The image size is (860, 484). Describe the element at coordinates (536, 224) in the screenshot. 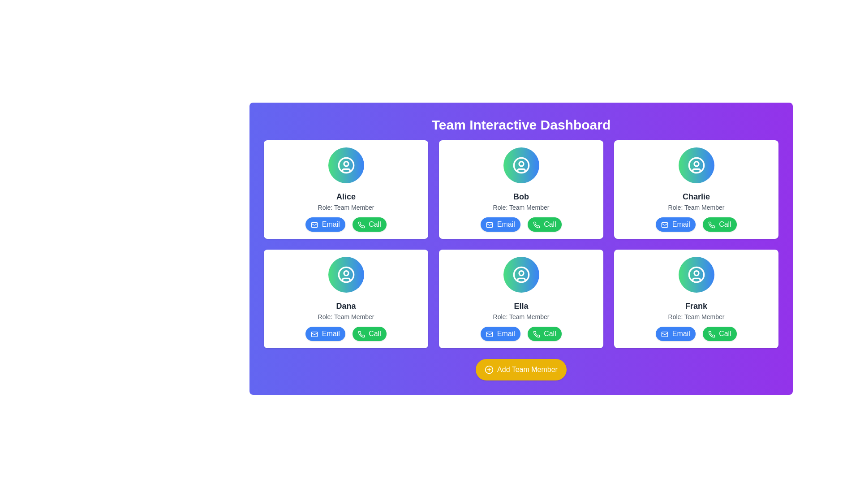

I see `the phone icon located on the left side of the 'Call' button in the 'Bob' information card, which is positioned in the first row of the grid layout on the dashboard` at that location.